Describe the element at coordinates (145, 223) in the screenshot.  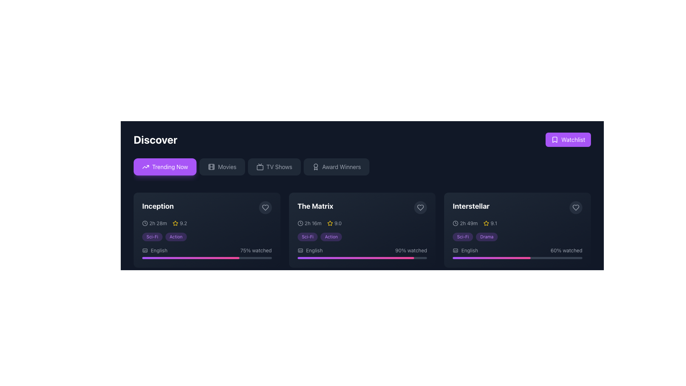
I see `the outer circle in the clock-like SVG icon located on the left side of the rating information within the 'Inception' movie card` at that location.